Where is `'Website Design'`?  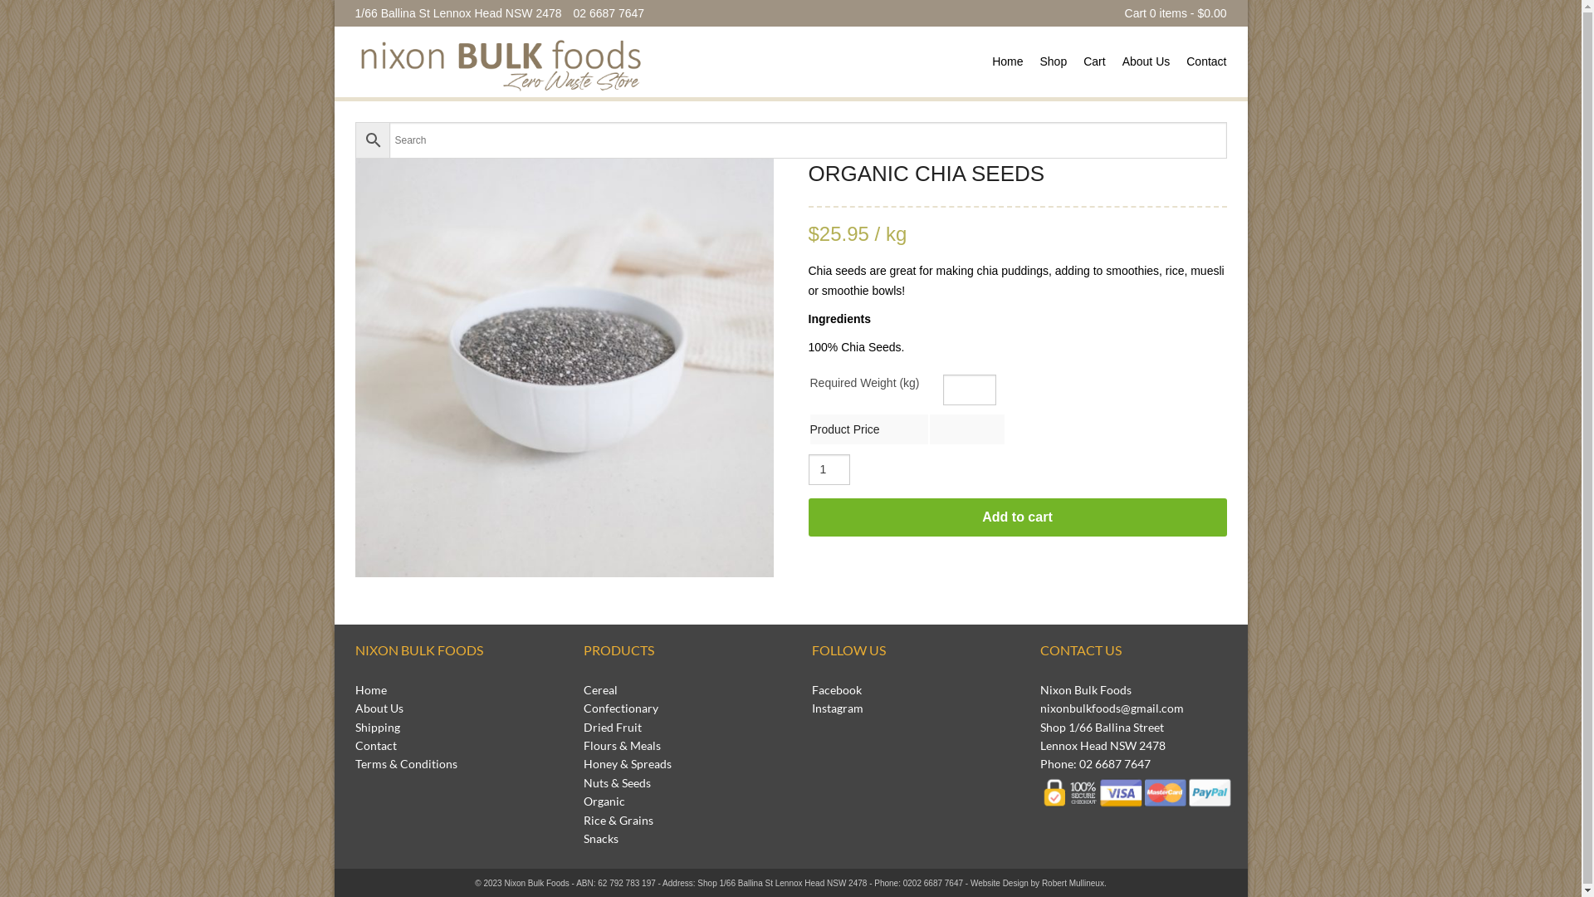
'Website Design' is located at coordinates (999, 882).